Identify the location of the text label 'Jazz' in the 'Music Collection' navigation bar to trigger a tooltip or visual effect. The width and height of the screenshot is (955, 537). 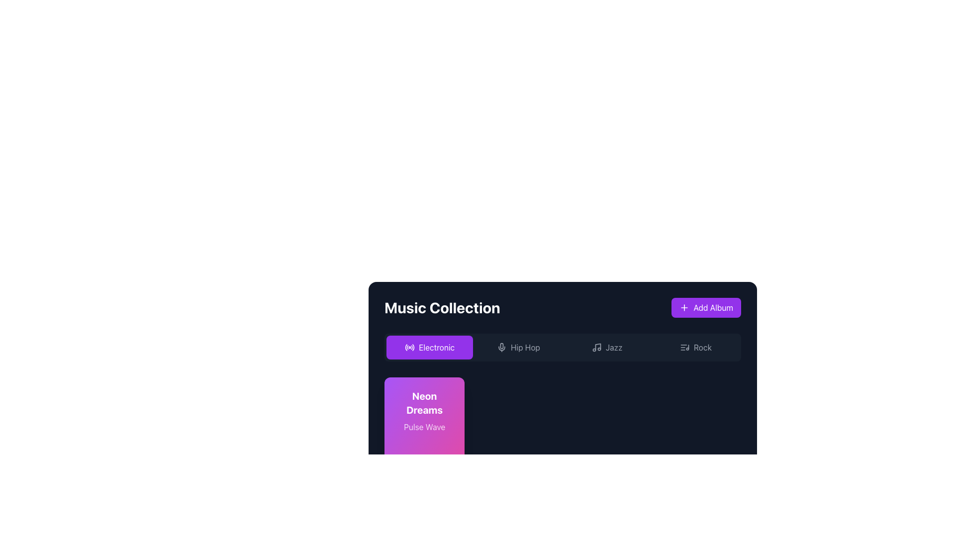
(613, 347).